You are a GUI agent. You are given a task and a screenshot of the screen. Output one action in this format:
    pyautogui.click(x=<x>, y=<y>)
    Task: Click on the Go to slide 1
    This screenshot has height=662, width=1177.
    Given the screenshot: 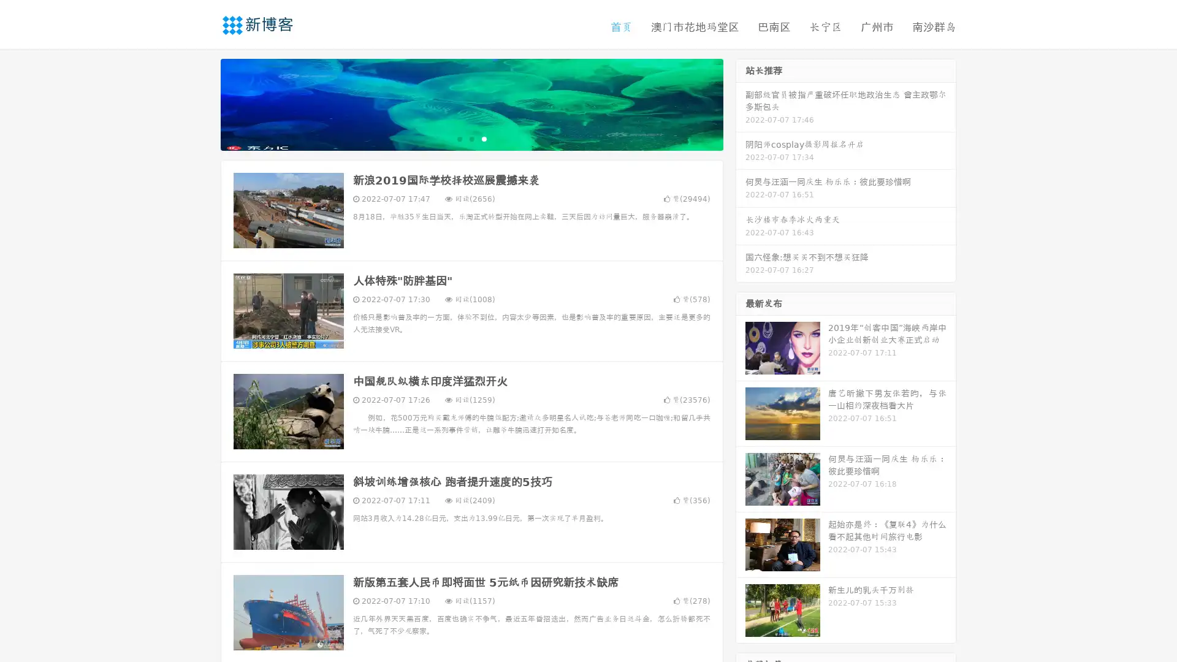 What is the action you would take?
    pyautogui.click(x=459, y=138)
    